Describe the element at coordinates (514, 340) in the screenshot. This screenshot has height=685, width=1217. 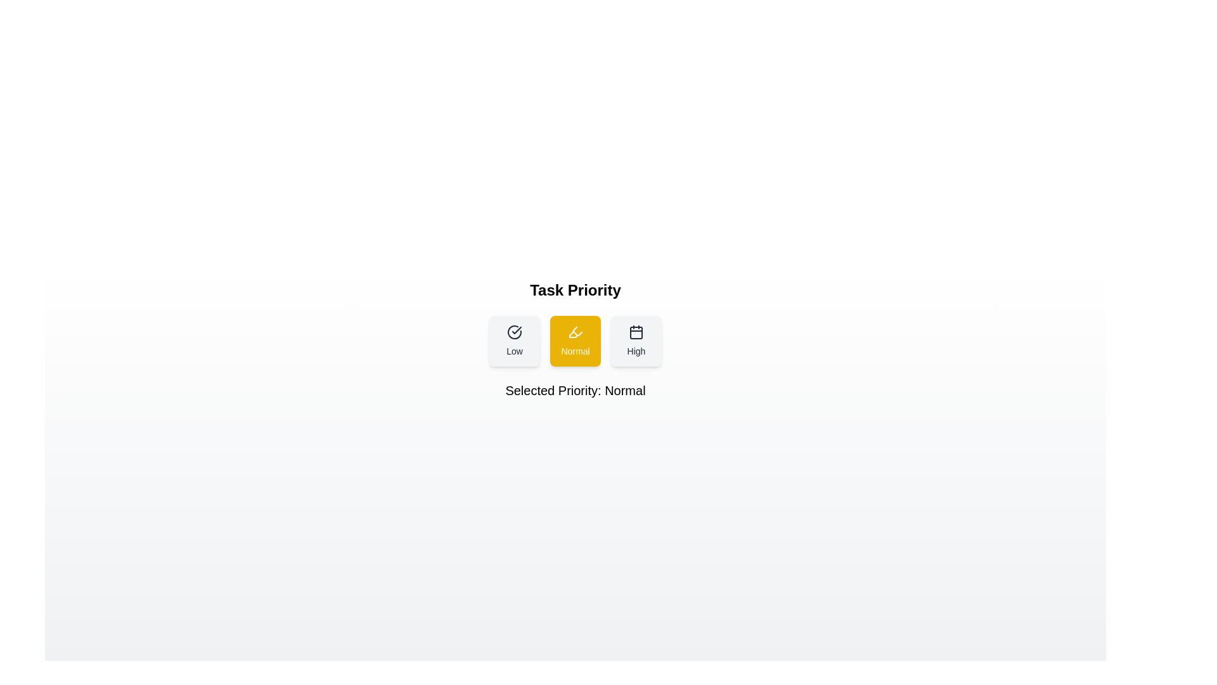
I see `the 'Low' priority button to select it` at that location.